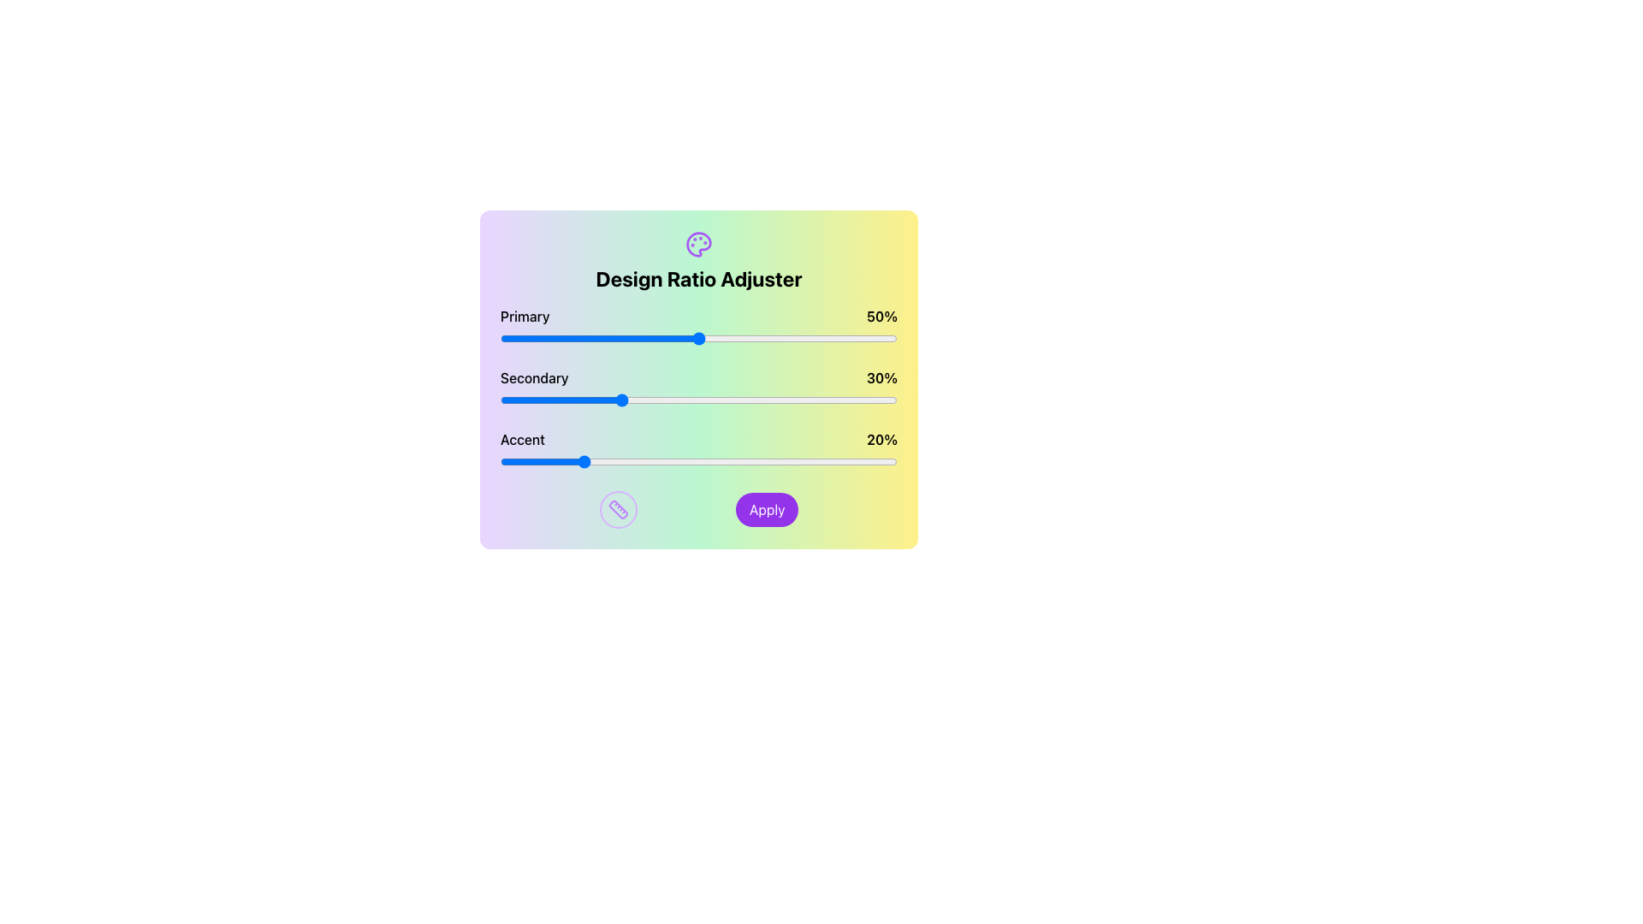 The height and width of the screenshot is (924, 1643). Describe the element at coordinates (698, 244) in the screenshot. I see `the palette icon, which is a purple elliptical shape with a hollow bottom-right area and small circles inside, located at the center-top of the gradient background box above the 'Design Ratio Adjuster' heading` at that location.